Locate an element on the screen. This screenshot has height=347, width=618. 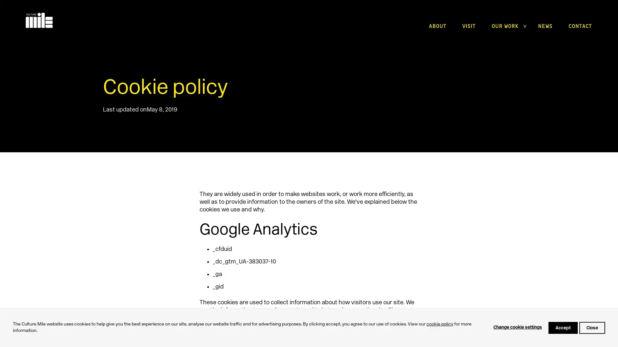
Close is located at coordinates (592, 327).